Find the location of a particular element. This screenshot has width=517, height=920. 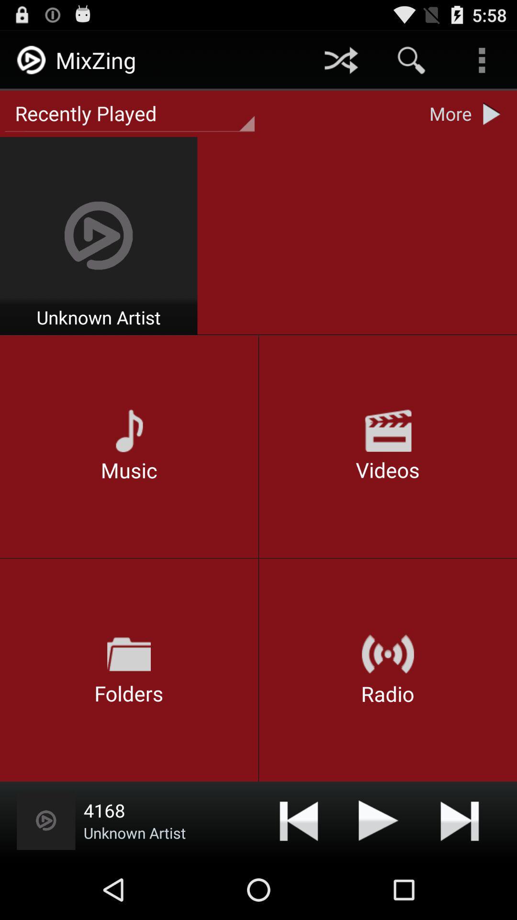

replay is located at coordinates (46, 820).